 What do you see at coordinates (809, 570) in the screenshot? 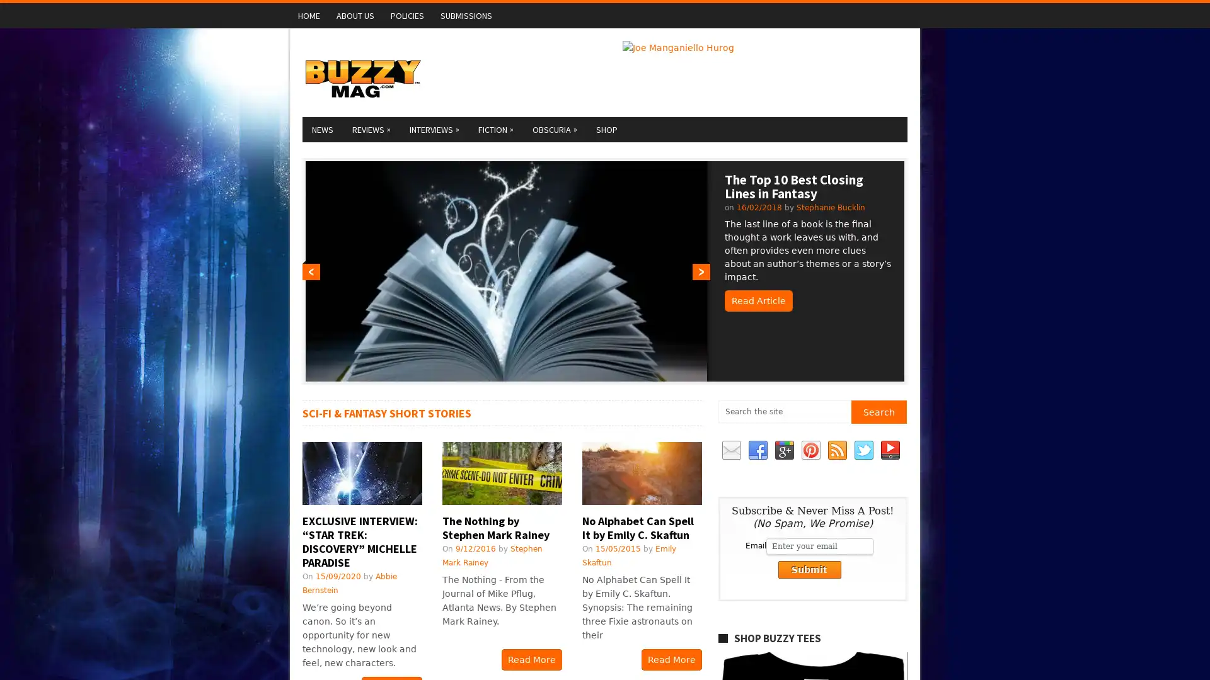
I see `Submit` at bounding box center [809, 570].